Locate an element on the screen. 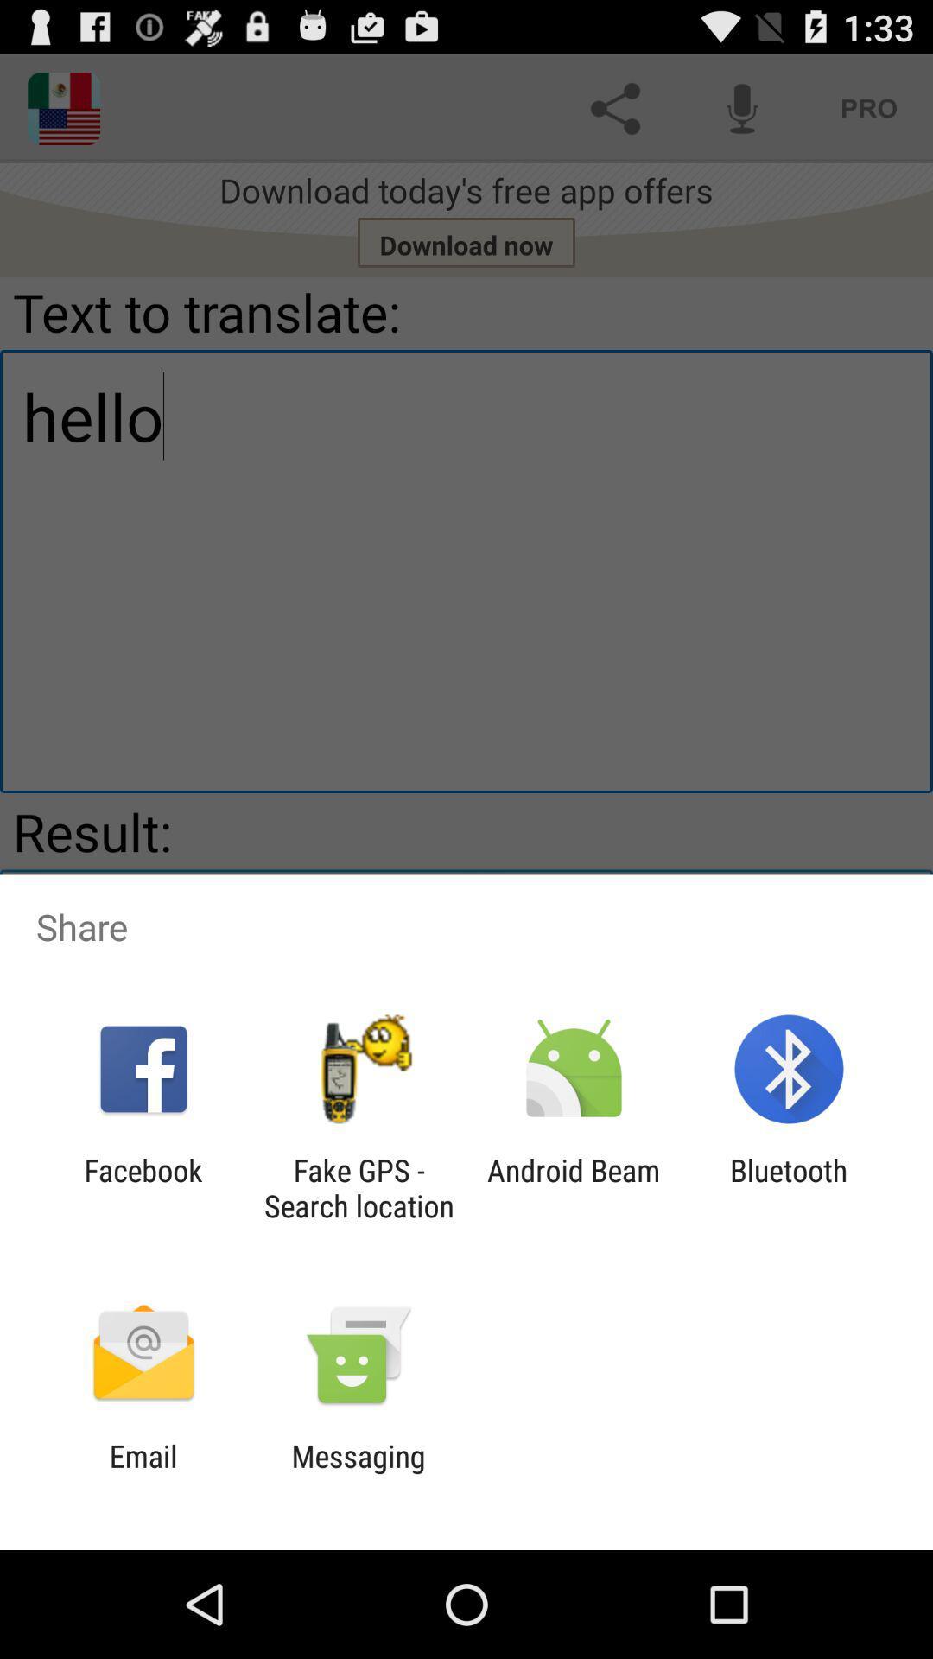  messaging app is located at coordinates (358, 1473).